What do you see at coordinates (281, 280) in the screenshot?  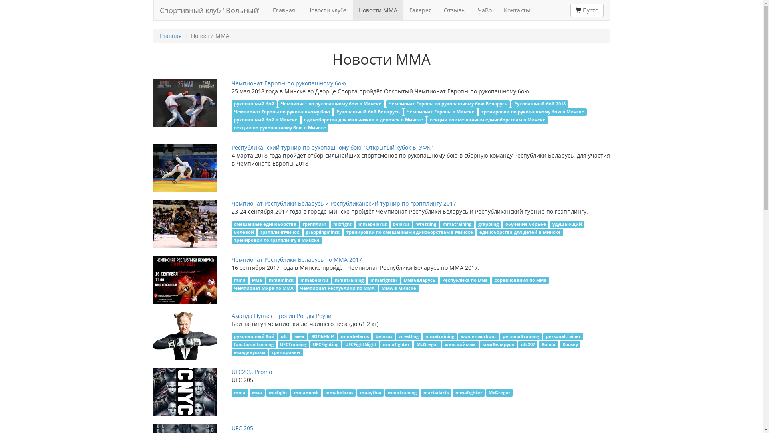 I see `'mmaminsk'` at bounding box center [281, 280].